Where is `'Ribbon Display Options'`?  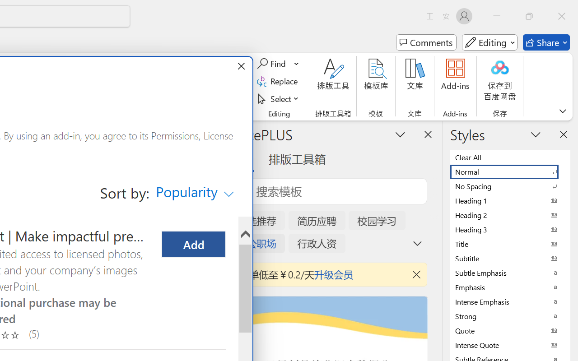 'Ribbon Display Options' is located at coordinates (562, 111).